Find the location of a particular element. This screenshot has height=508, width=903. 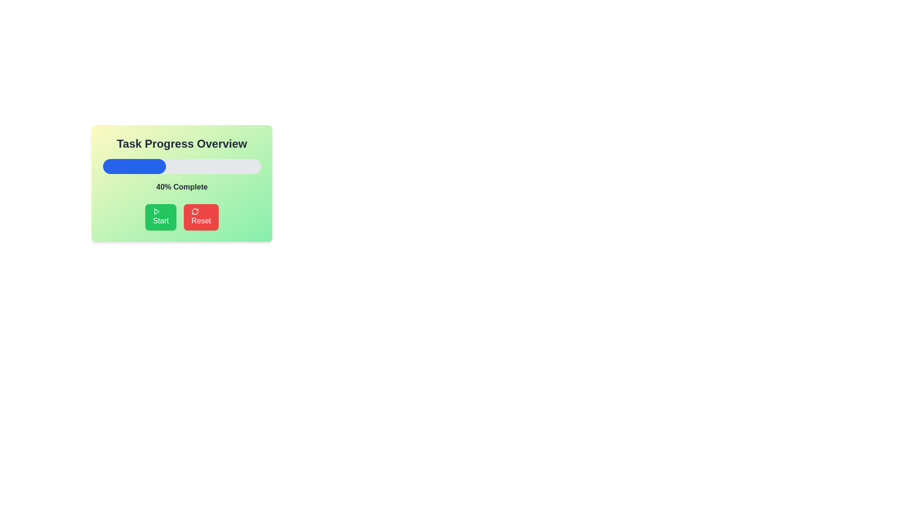

the 'Start' button icon located within the green button labeled 'Start' on the bottom-left side of the 'Task Progress Overview' component is located at coordinates (157, 212).